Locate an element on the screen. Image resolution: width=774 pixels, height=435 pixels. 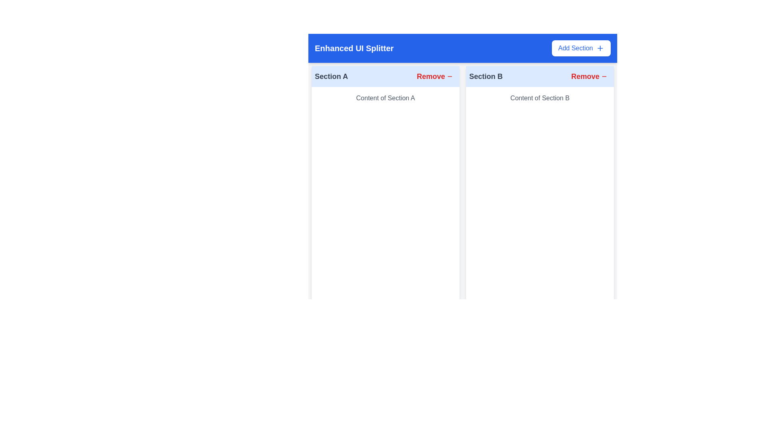
the plus sign icon inside the 'Add Section' button, which has a white background and blue text, positioned near the right end of the button is located at coordinates (600, 48).